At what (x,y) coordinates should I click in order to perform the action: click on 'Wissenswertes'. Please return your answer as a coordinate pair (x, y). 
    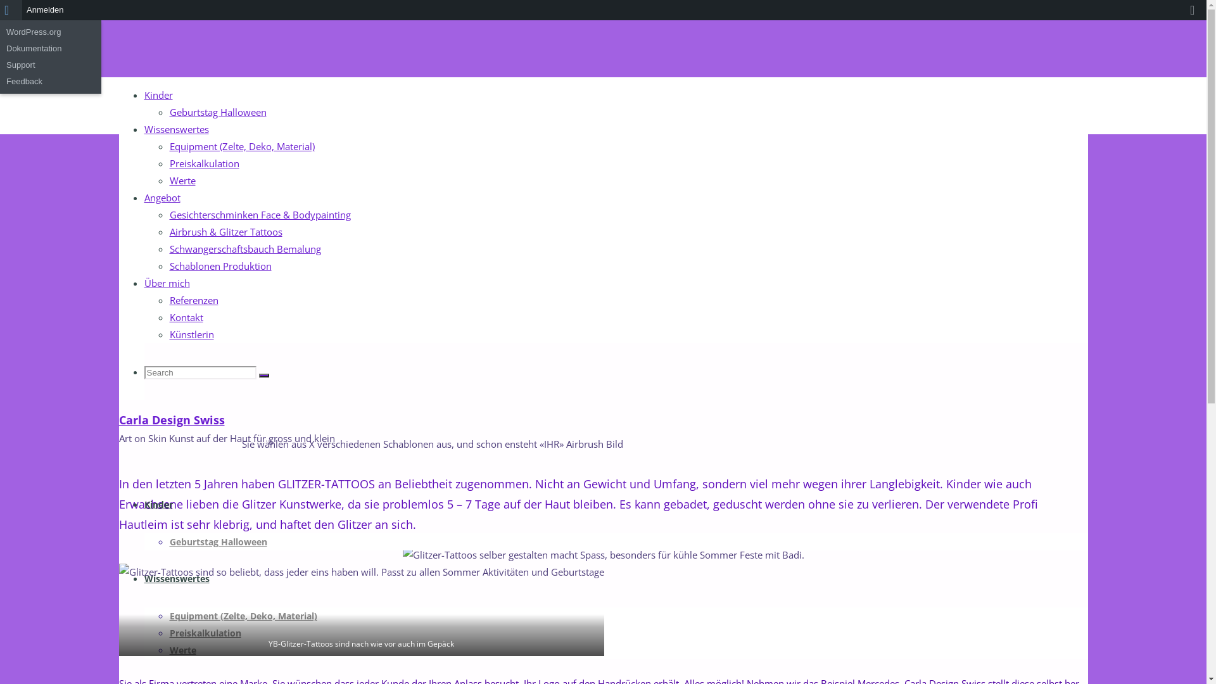
    Looking at the image, I should click on (175, 129).